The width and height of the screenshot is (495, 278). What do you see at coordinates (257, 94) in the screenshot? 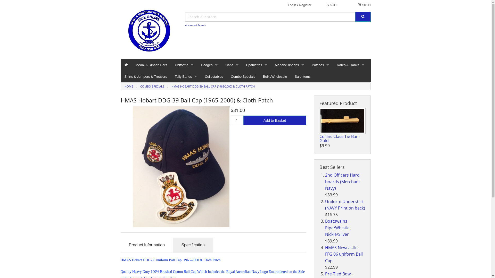
I see `'Merchant Navy'` at bounding box center [257, 94].